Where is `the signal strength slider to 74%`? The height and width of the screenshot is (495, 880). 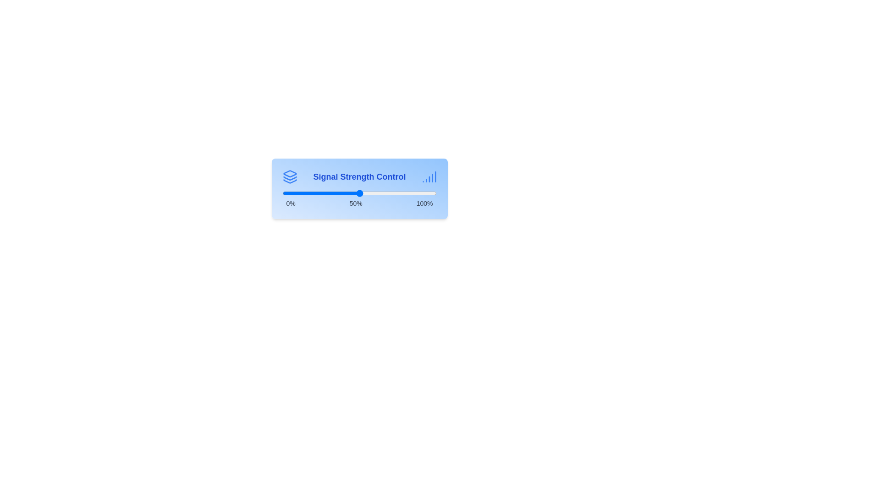 the signal strength slider to 74% is located at coordinates (396, 192).